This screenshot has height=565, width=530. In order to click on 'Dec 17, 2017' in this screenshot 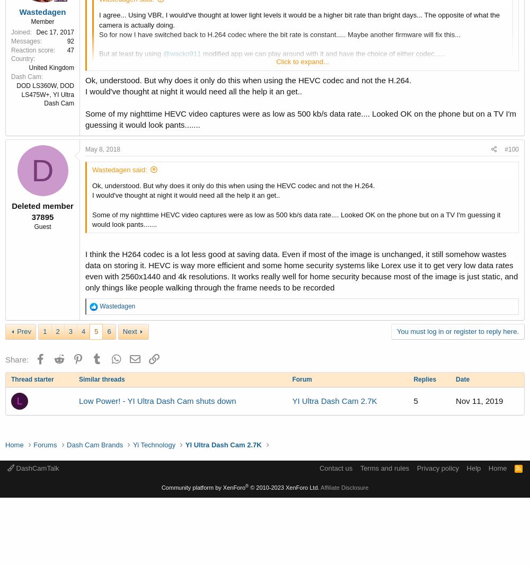, I will do `click(55, 31)`.